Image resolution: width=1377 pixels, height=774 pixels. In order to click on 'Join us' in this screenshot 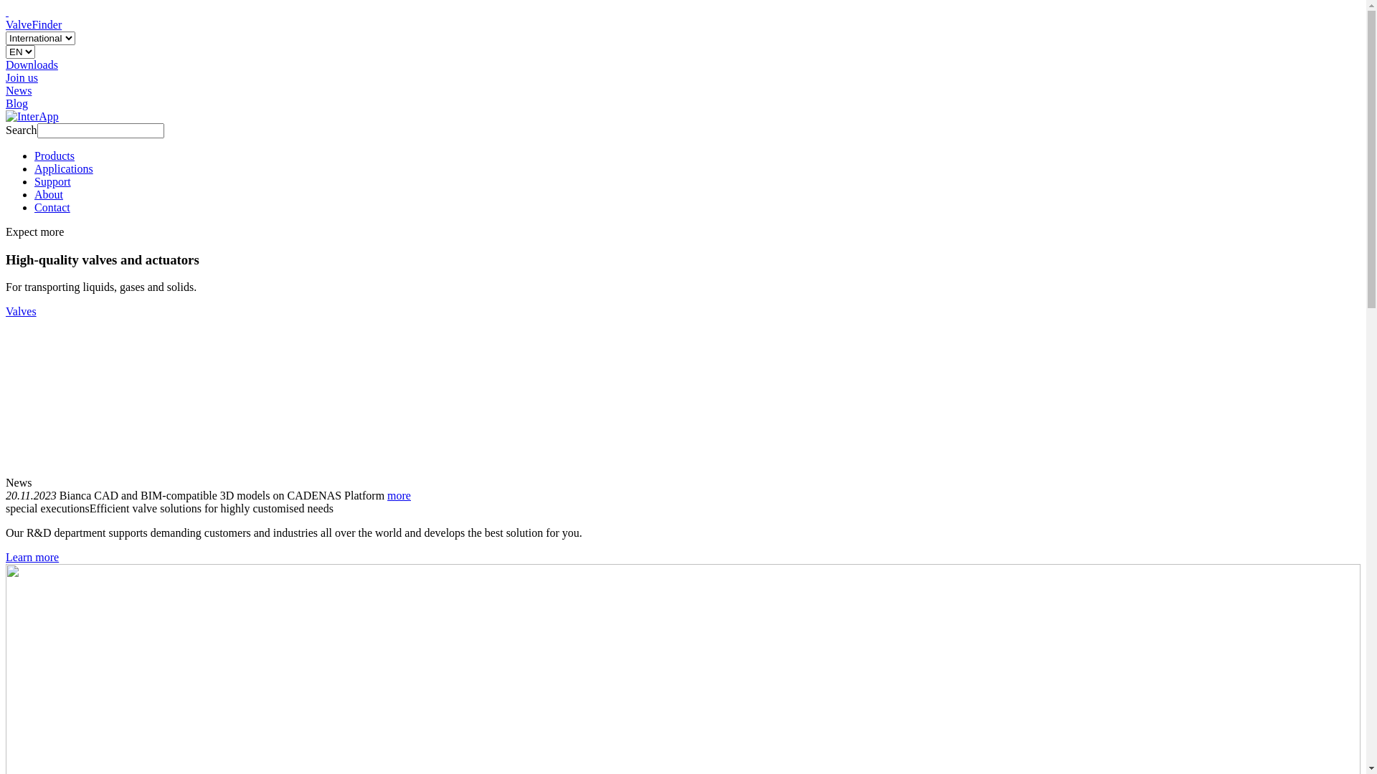, I will do `click(22, 77)`.